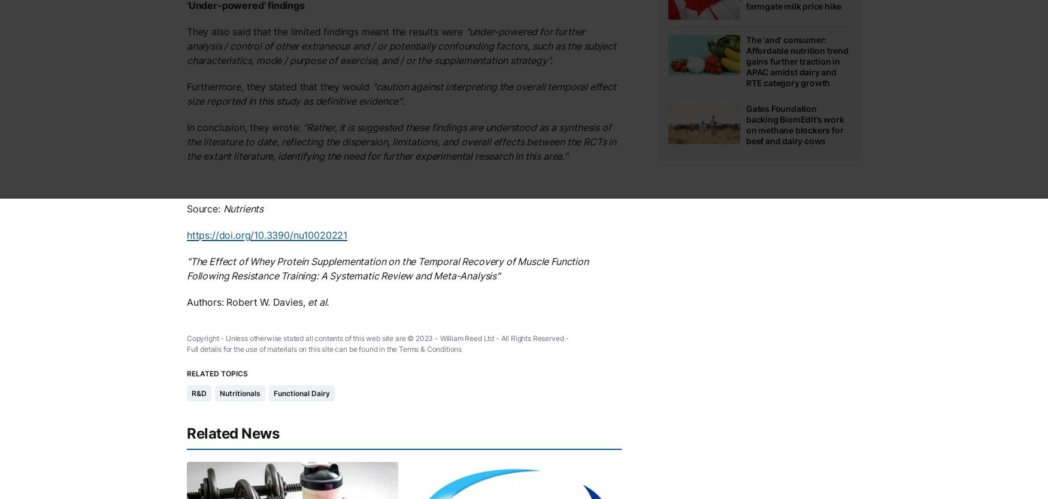 The width and height of the screenshot is (1048, 499). What do you see at coordinates (398, 349) in the screenshot?
I see `'Terms & Conditions'` at bounding box center [398, 349].